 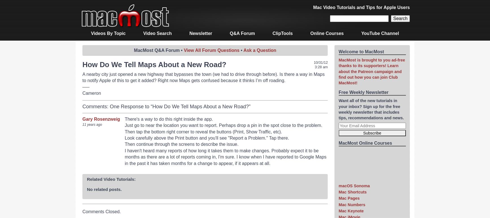 What do you see at coordinates (352, 204) in the screenshot?
I see `'Mac Numbers'` at bounding box center [352, 204].